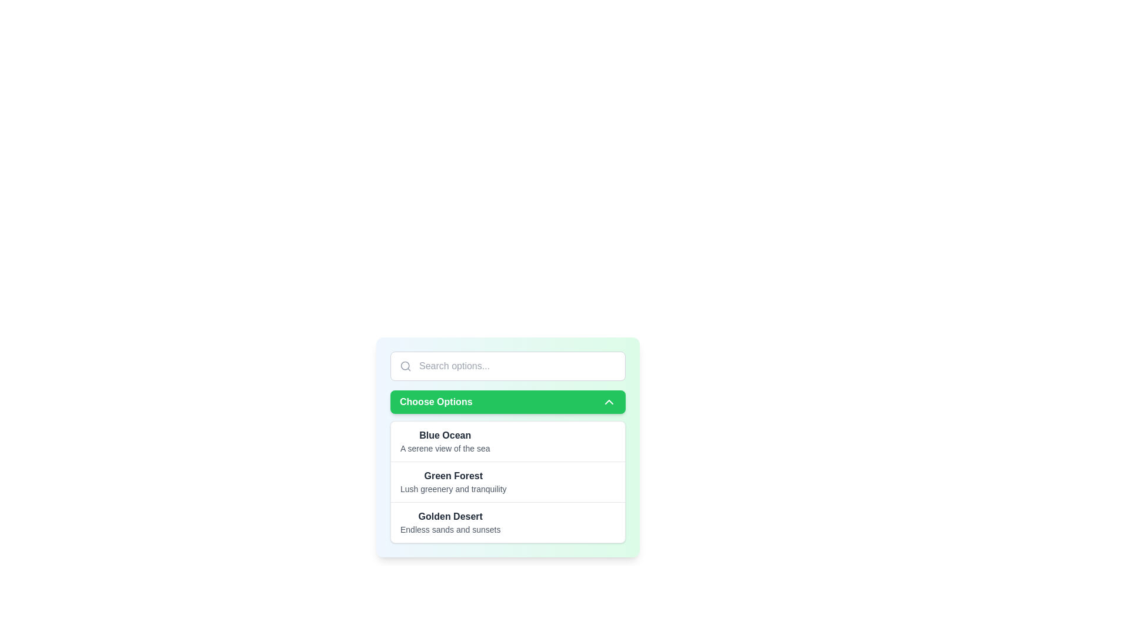 This screenshot has height=635, width=1129. Describe the element at coordinates (508, 482) in the screenshot. I see `the dropdown menu item that is the second in the list, labeled 'Green Forest', which features a white rectangular design with bold black titles and lighter descriptions` at that location.